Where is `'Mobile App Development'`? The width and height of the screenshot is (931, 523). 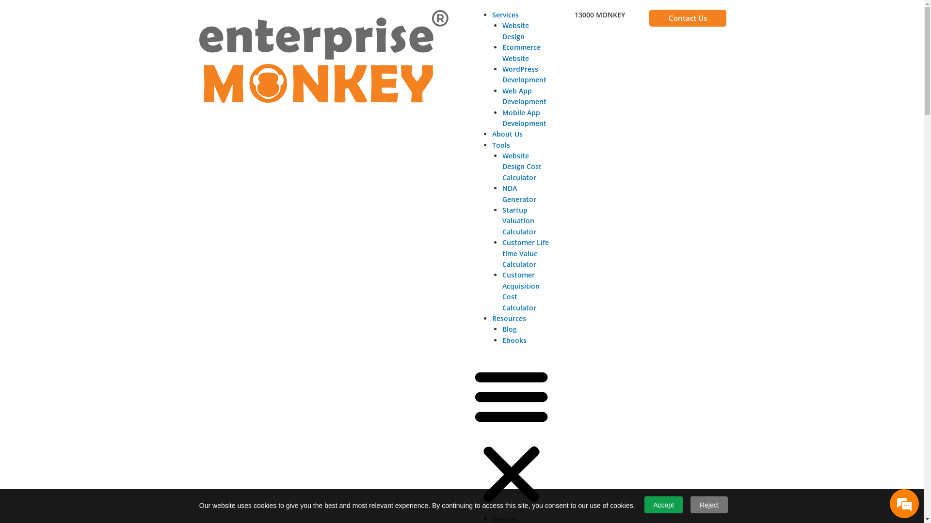
'Mobile App Development' is located at coordinates (524, 117).